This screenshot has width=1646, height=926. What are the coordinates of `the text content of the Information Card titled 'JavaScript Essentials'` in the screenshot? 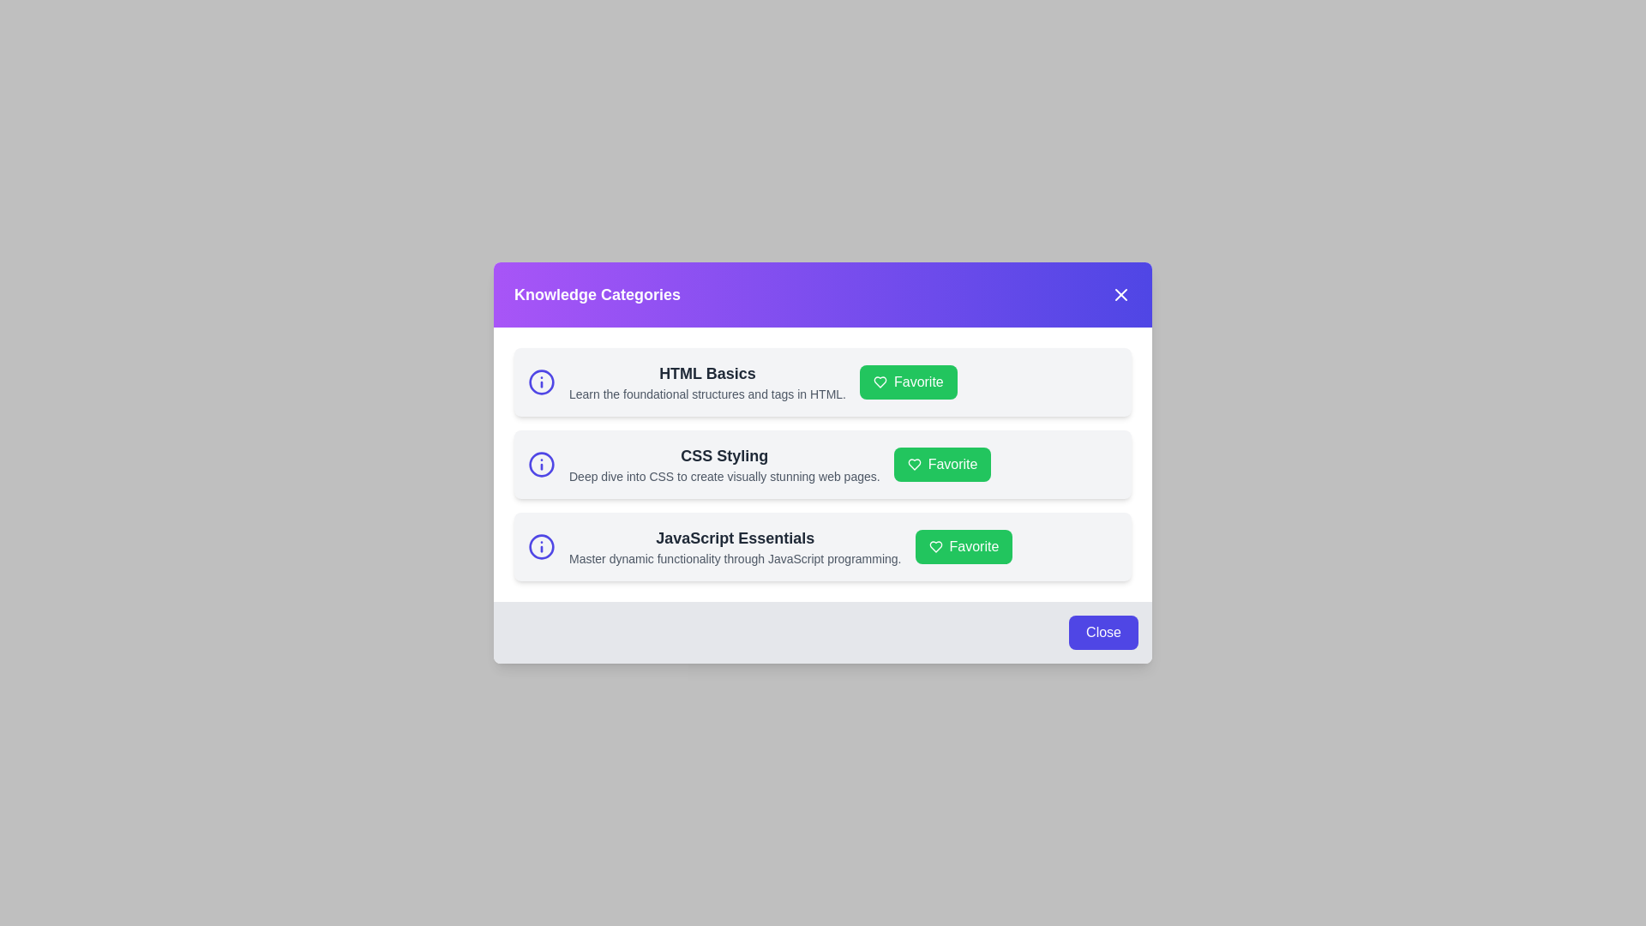 It's located at (823, 546).